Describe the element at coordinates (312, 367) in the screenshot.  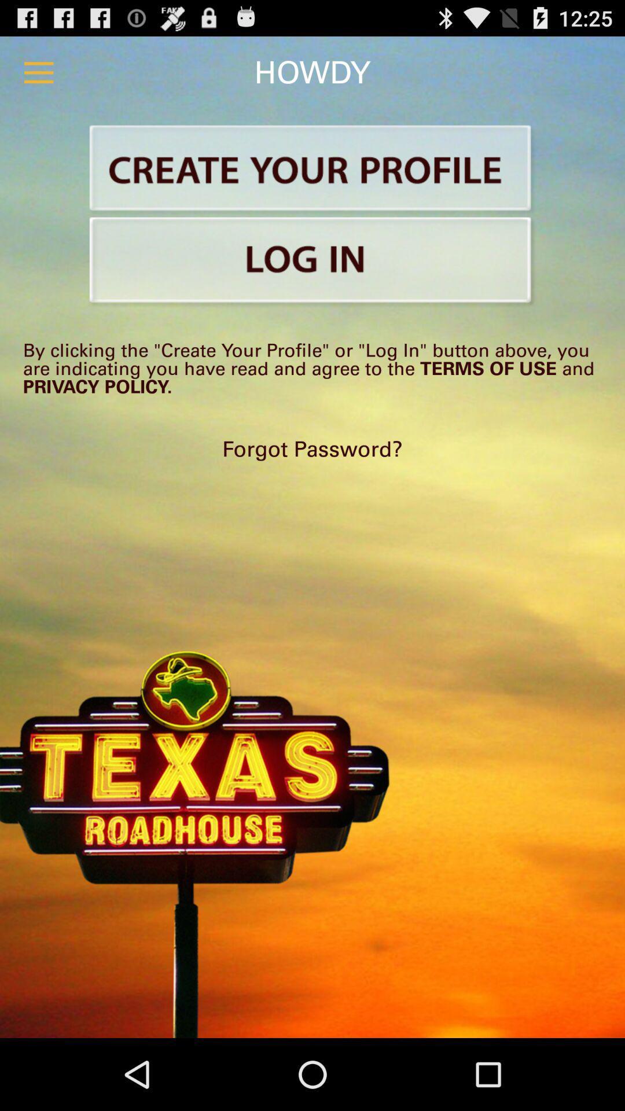
I see `icon above forgot password?` at that location.